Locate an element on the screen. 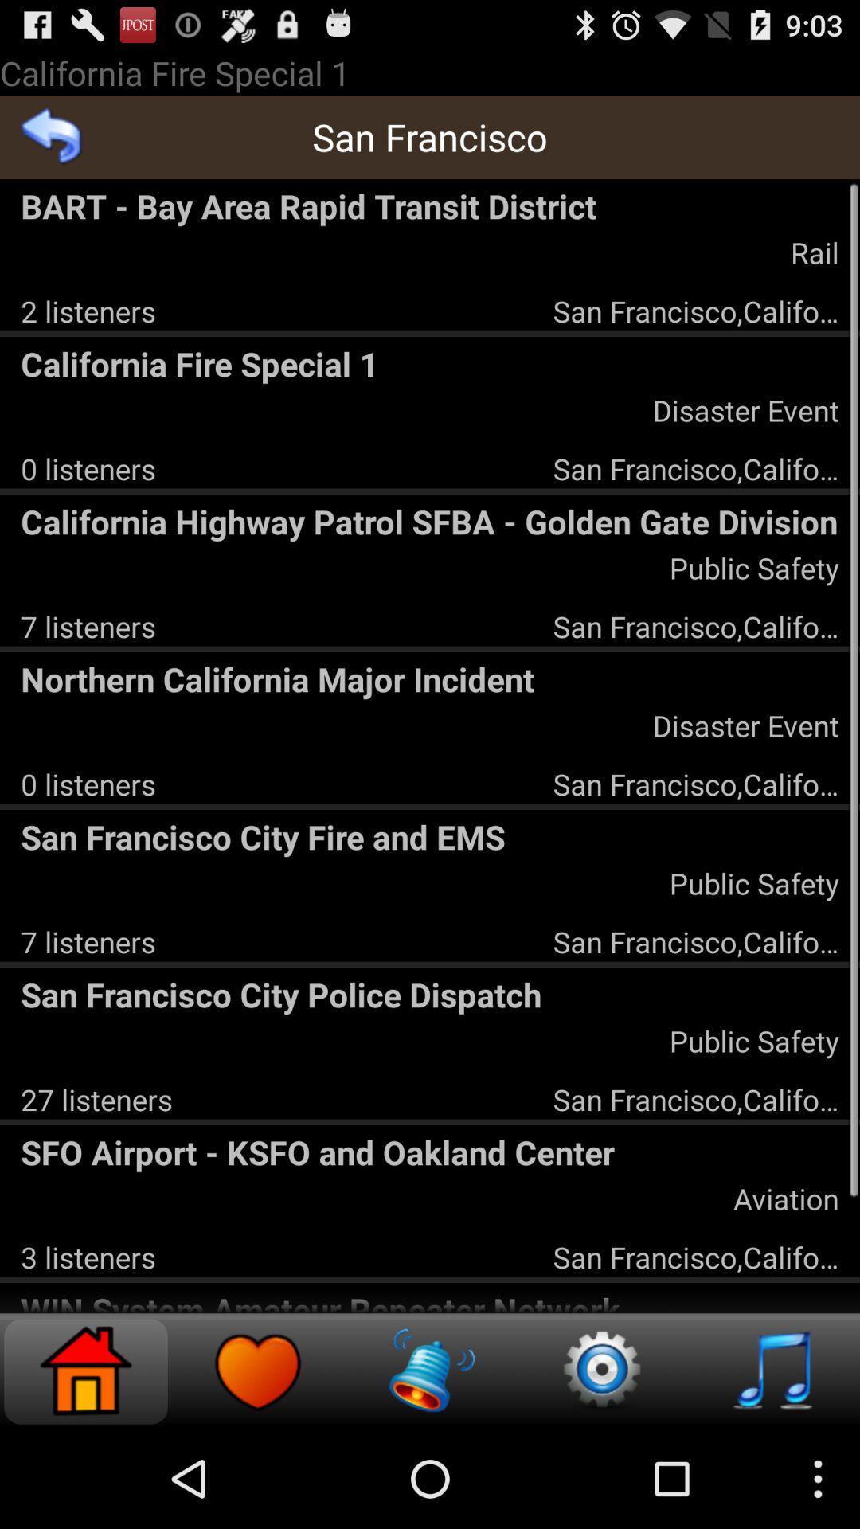 The height and width of the screenshot is (1529, 860). the item below bart bay area app is located at coordinates (88, 311).